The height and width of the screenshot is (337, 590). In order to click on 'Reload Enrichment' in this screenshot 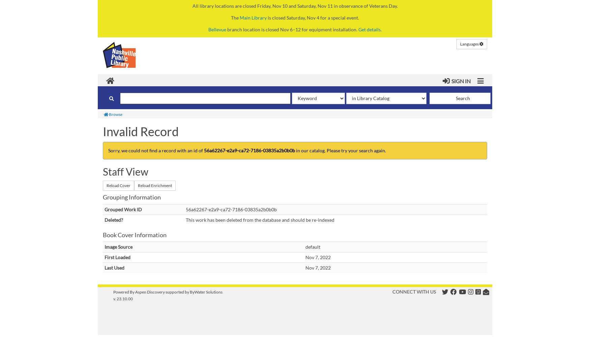, I will do `click(137, 185)`.